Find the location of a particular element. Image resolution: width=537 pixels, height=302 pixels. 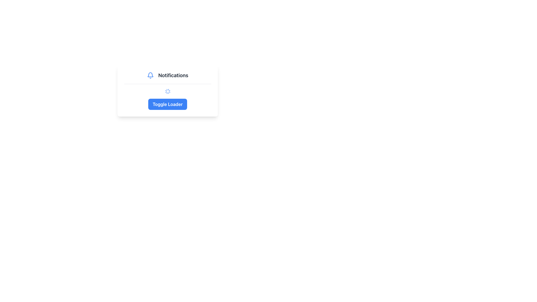

the Bell icon located in the notification panel, which serves as a visual indicator for notifications is located at coordinates (150, 75).